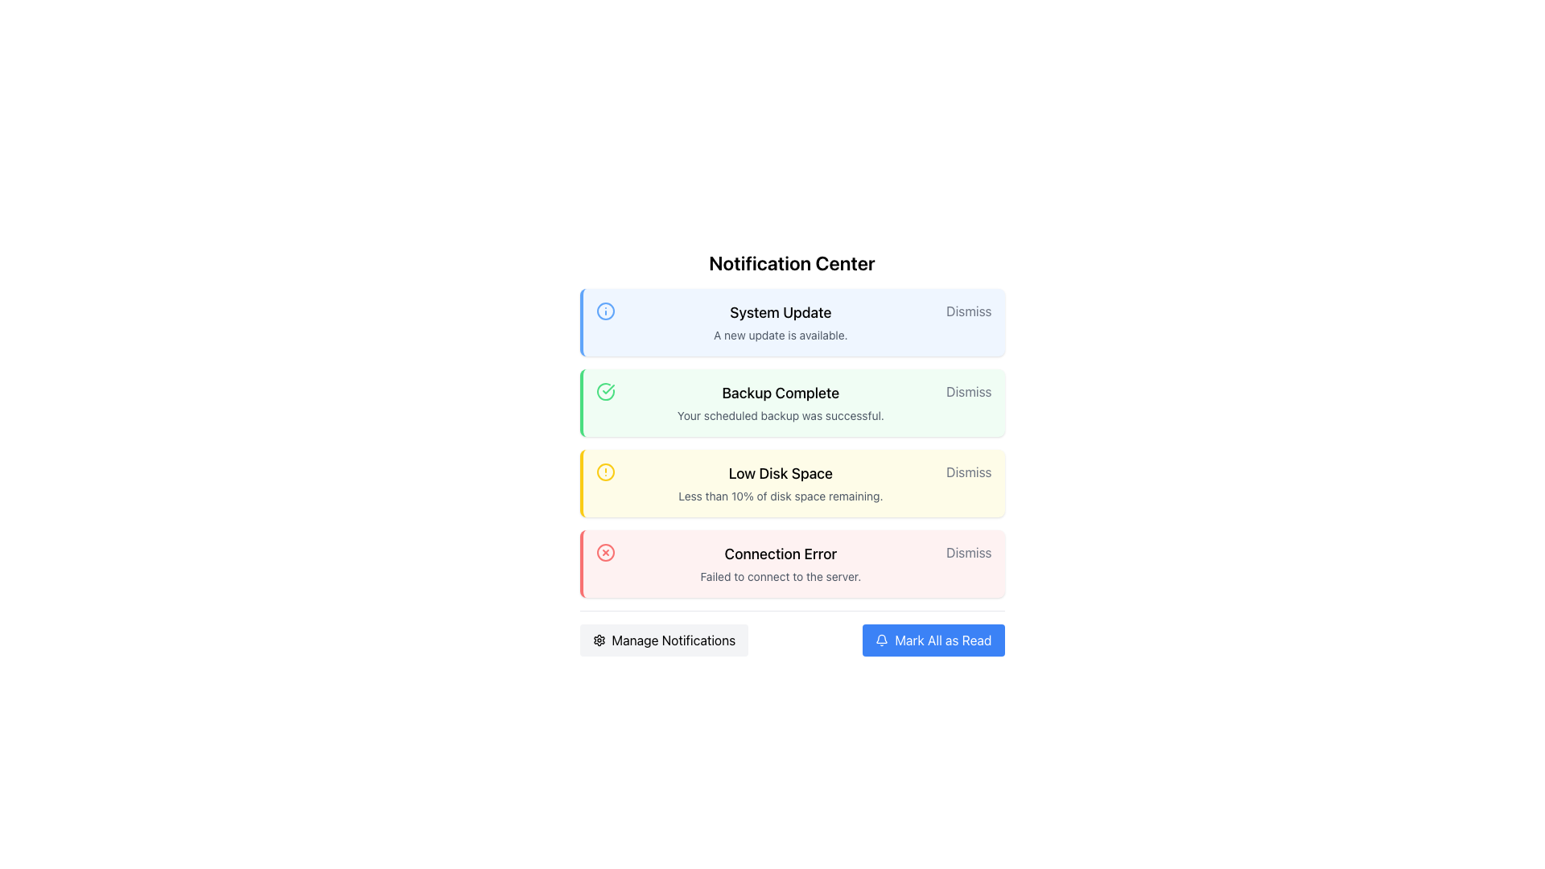 This screenshot has height=869, width=1545. What do you see at coordinates (604, 471) in the screenshot?
I see `the central circular component of the yellow-bordered icon in the third notification entry labeled 'Low Disk Space' to acknowledge the warning status` at bounding box center [604, 471].